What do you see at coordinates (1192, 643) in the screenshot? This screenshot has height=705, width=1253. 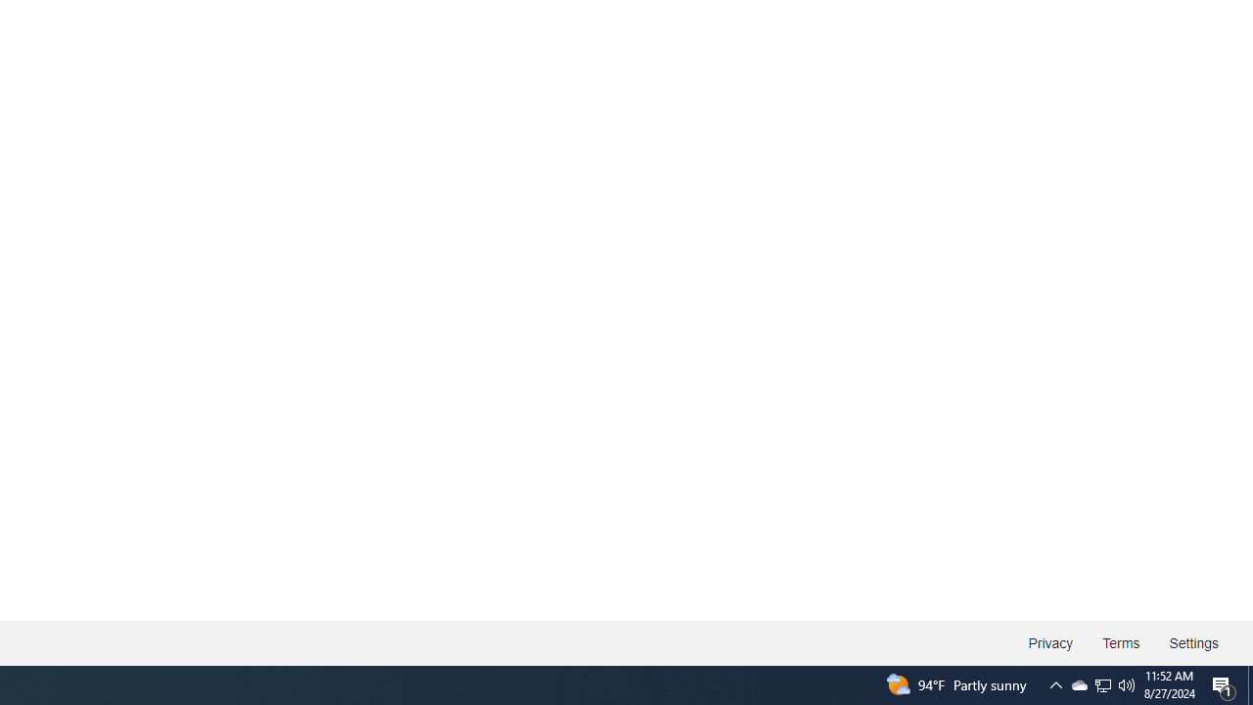 I see `'Settings'` at bounding box center [1192, 643].